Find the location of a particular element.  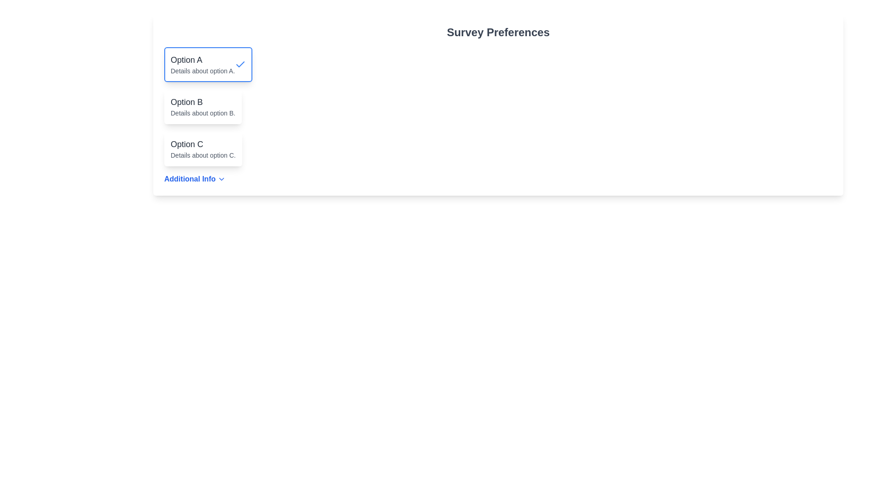

the Informational Text Block that provides information about 'Option B', which is the second item in a vertical list of options is located at coordinates (202, 106).